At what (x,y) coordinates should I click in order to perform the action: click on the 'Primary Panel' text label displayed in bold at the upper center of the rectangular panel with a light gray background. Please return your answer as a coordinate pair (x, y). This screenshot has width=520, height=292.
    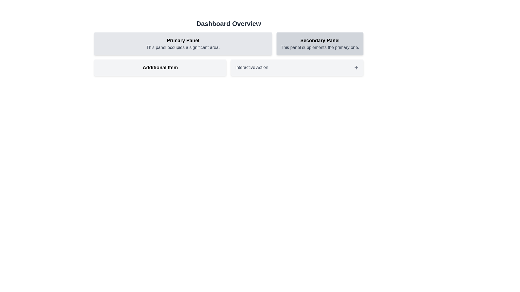
    Looking at the image, I should click on (183, 40).